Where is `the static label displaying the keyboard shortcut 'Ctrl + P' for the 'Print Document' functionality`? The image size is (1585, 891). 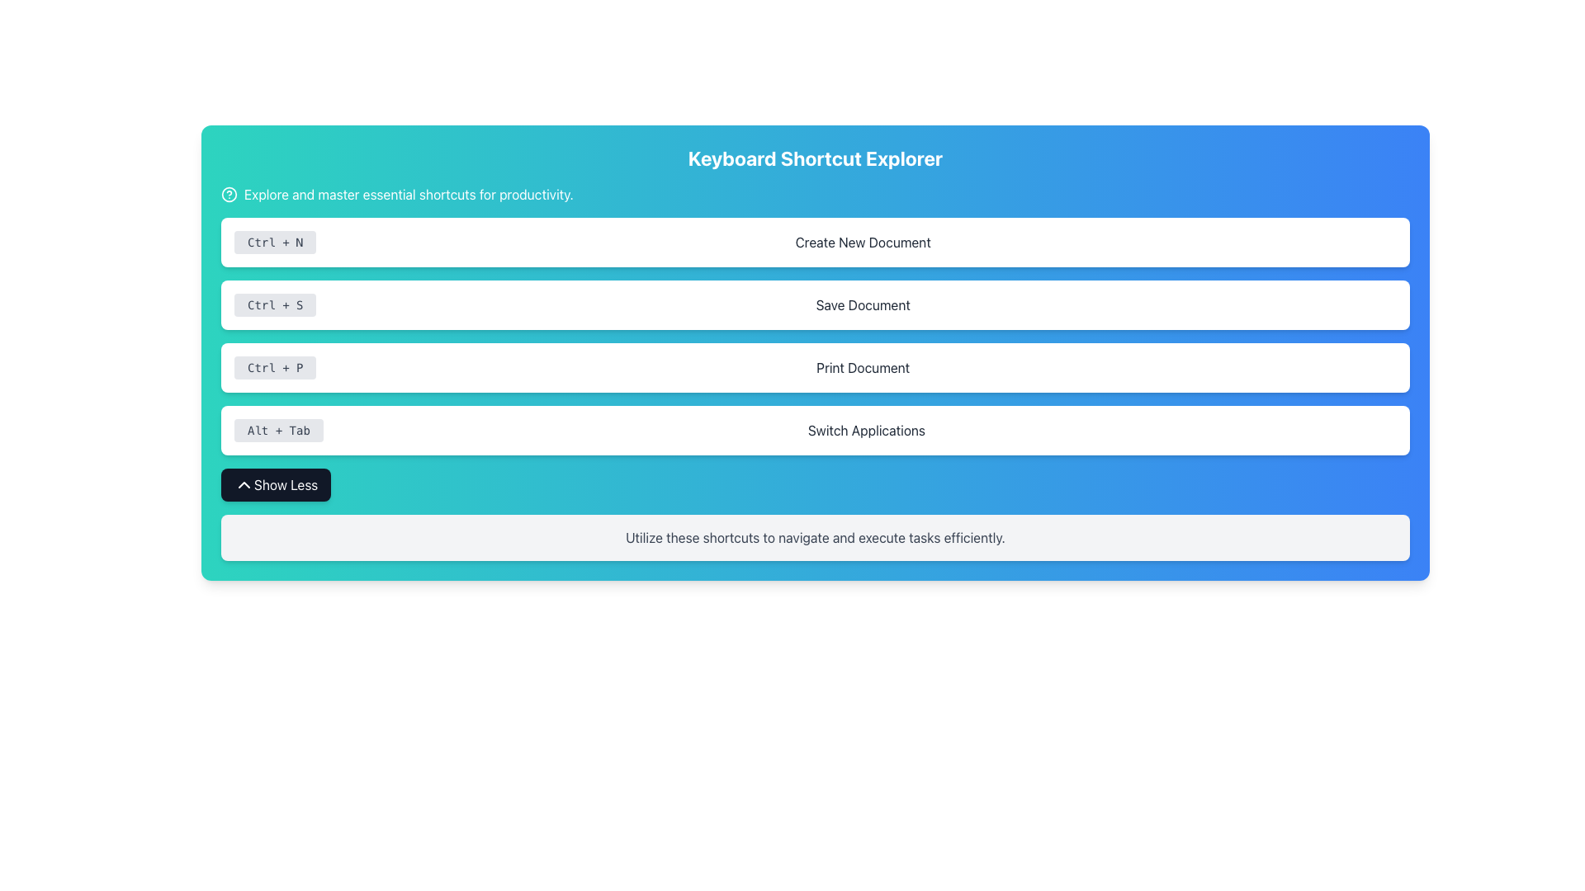 the static label displaying the keyboard shortcut 'Ctrl + P' for the 'Print Document' functionality is located at coordinates (275, 367).